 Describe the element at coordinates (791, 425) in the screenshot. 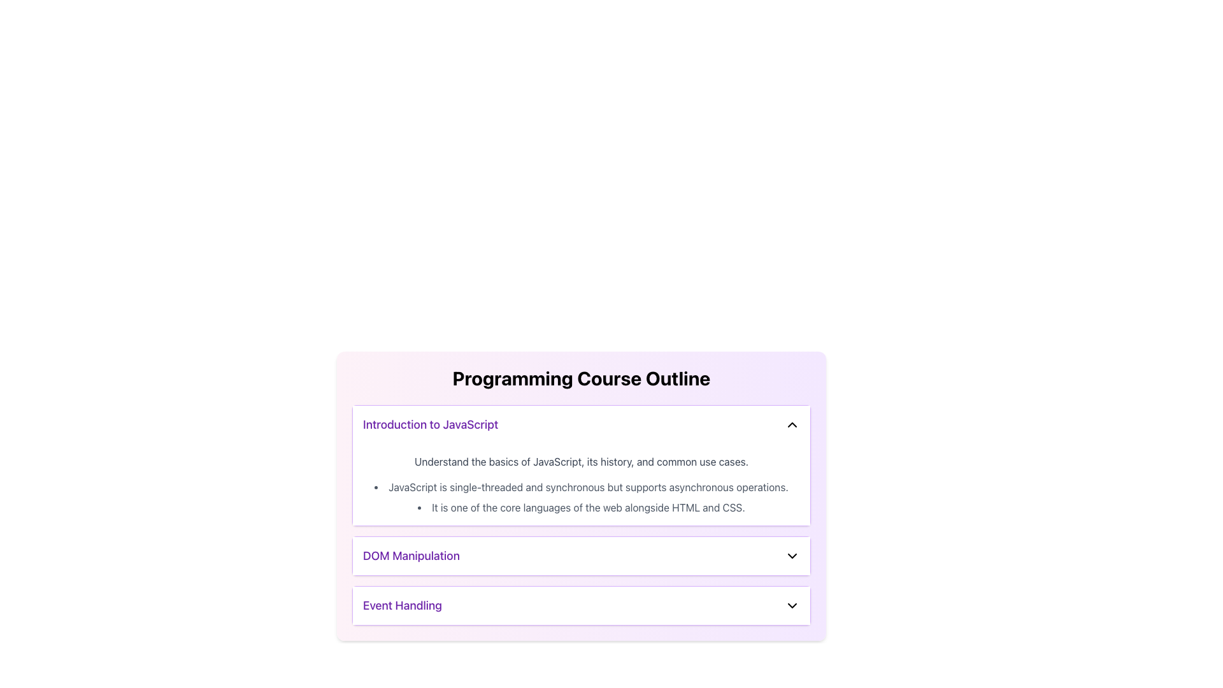

I see `the chevron icon located in the top right corner of the 'Introduction to JavaScript' section` at that location.